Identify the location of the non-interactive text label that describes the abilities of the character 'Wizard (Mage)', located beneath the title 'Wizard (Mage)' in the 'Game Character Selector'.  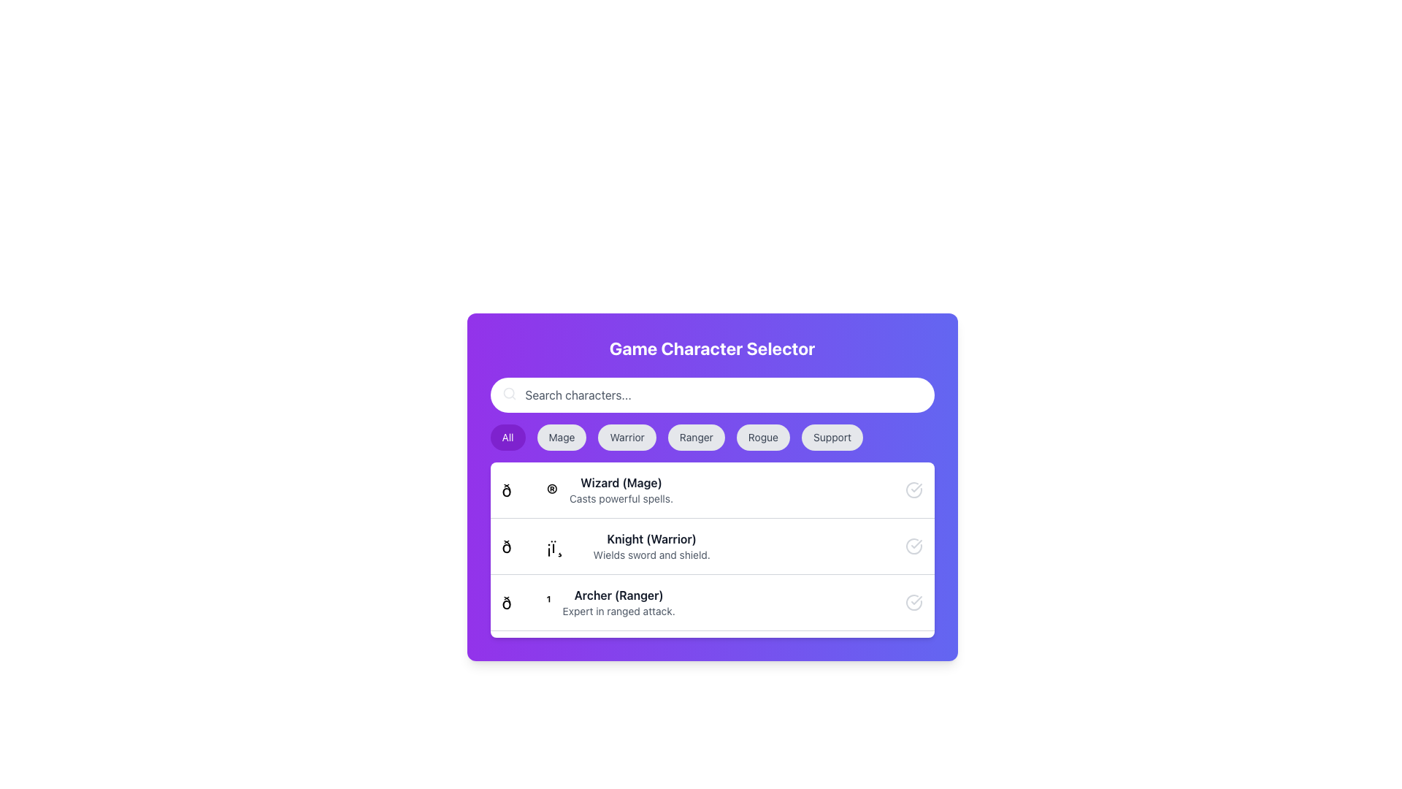
(621, 498).